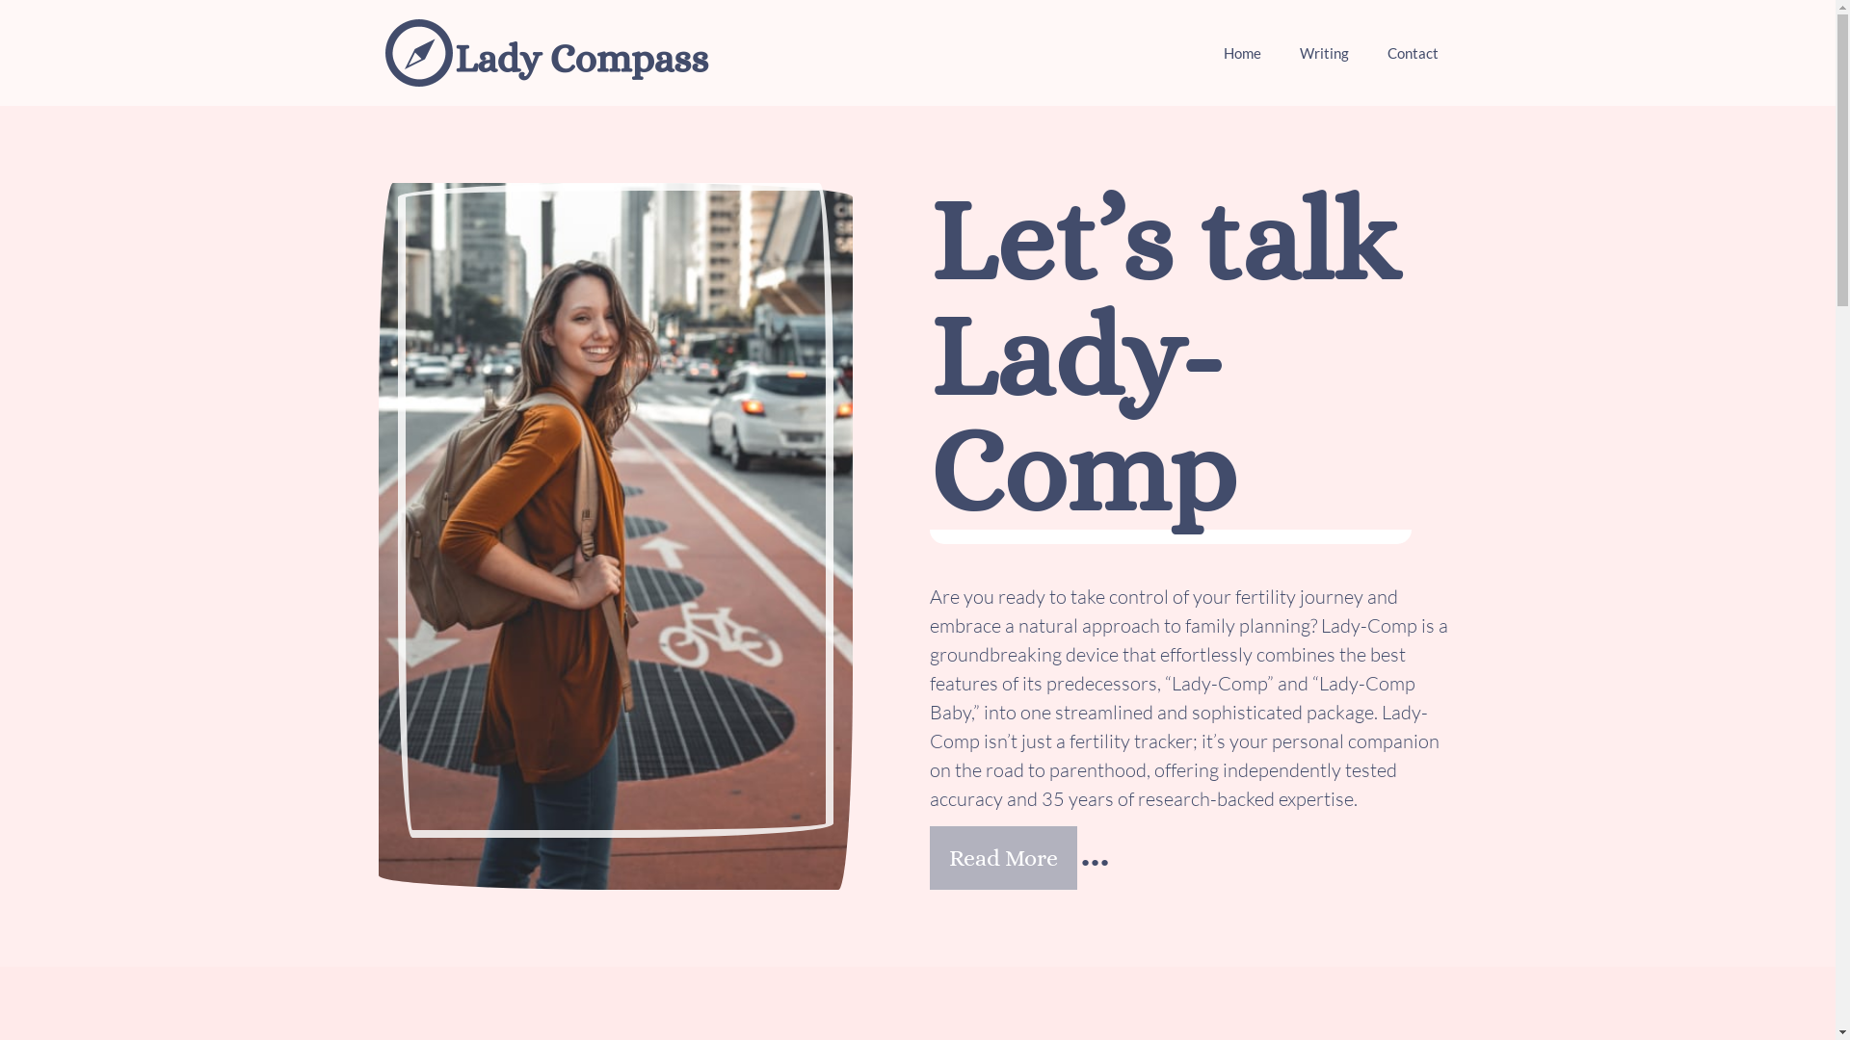 The image size is (1850, 1040). What do you see at coordinates (1002, 857) in the screenshot?
I see `'Read More'` at bounding box center [1002, 857].